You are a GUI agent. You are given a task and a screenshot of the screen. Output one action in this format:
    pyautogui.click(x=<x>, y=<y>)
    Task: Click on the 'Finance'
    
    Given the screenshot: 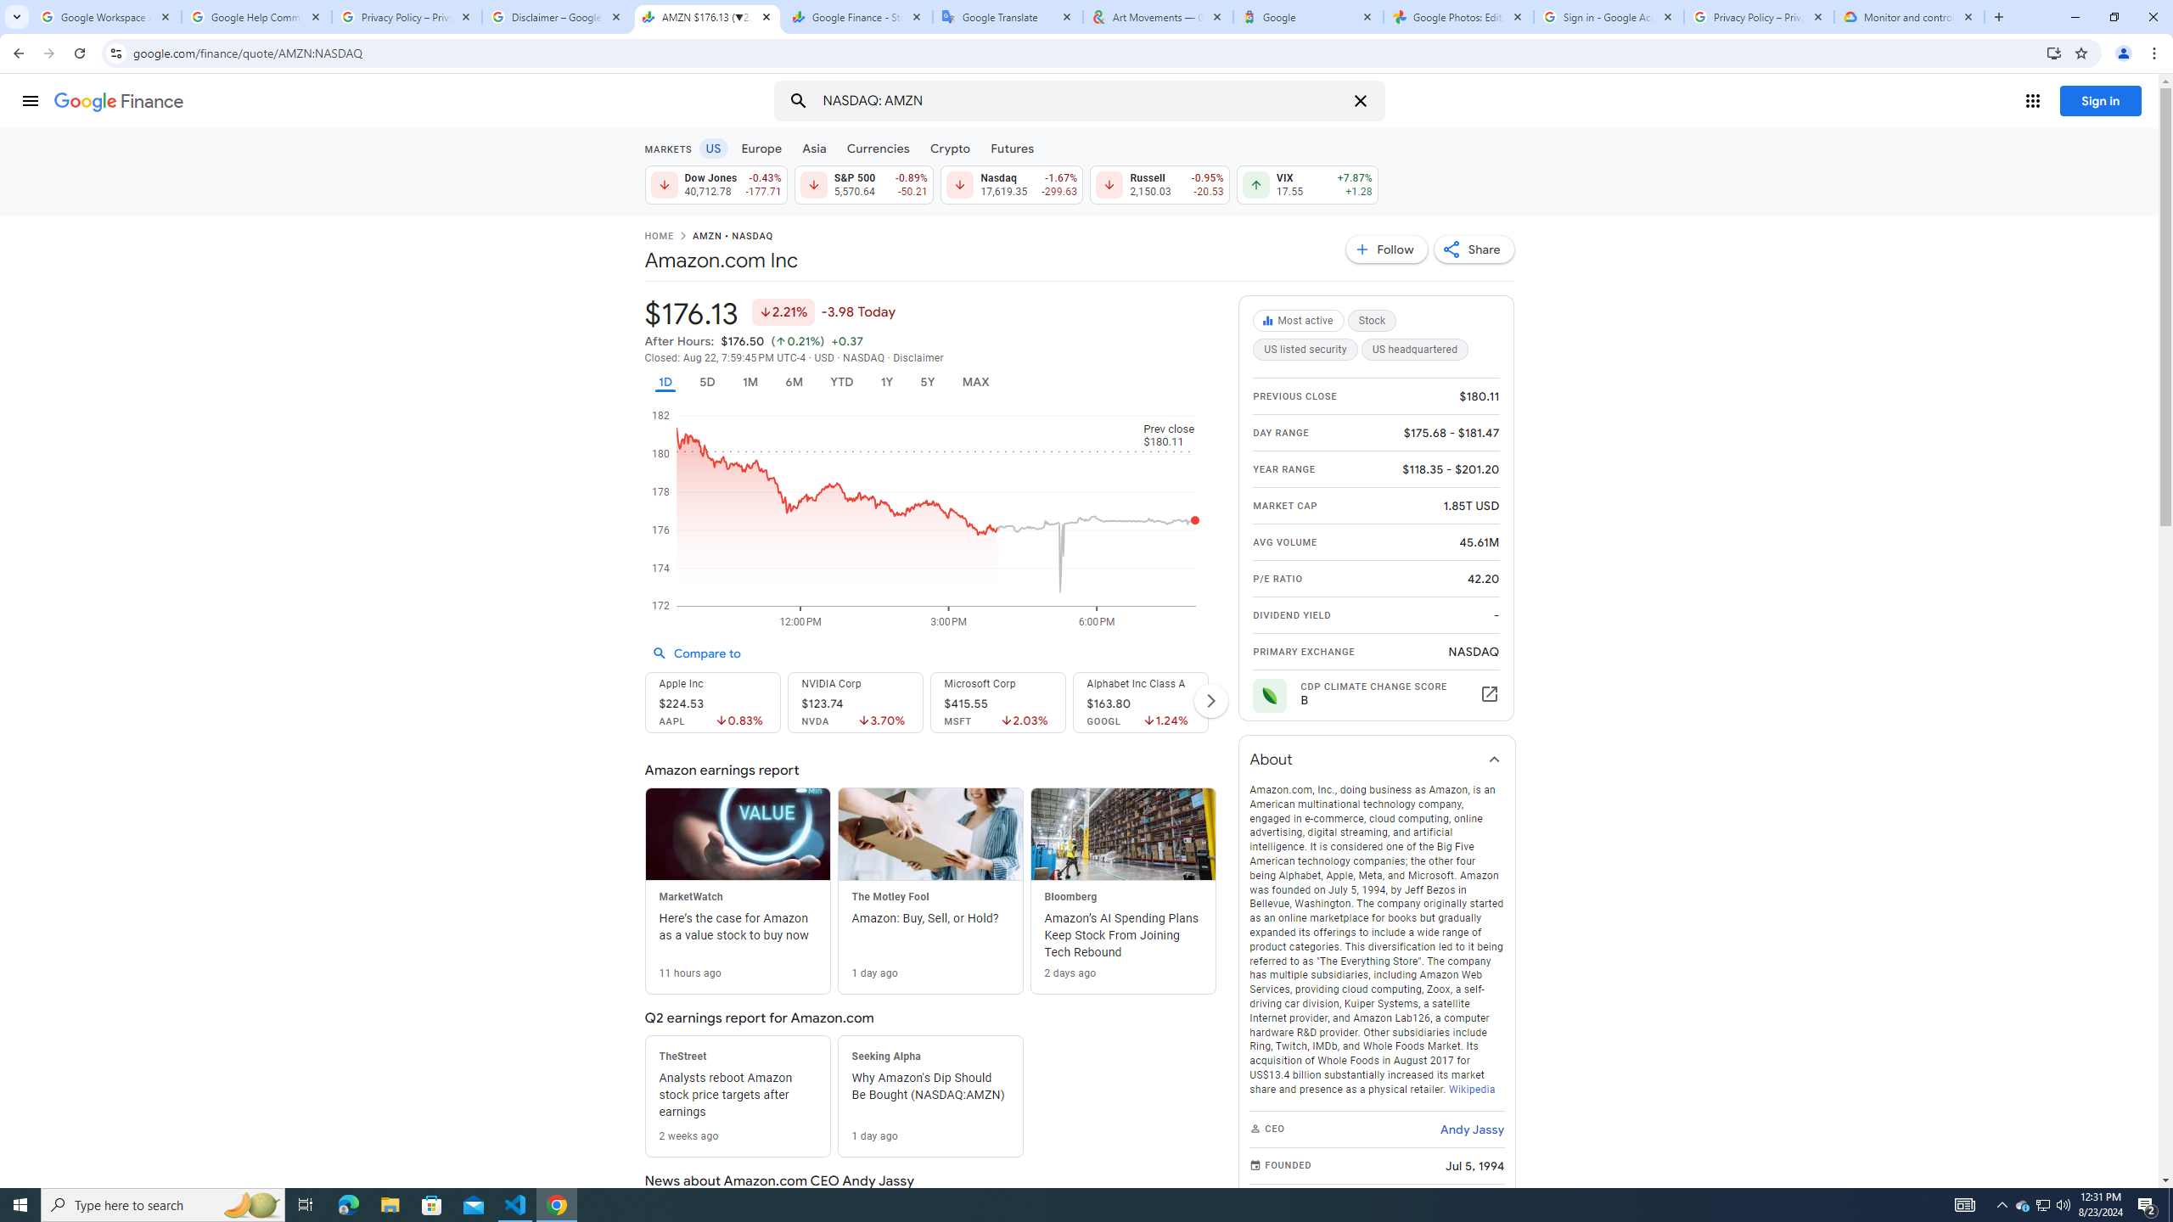 What is the action you would take?
    pyautogui.click(x=118, y=101)
    